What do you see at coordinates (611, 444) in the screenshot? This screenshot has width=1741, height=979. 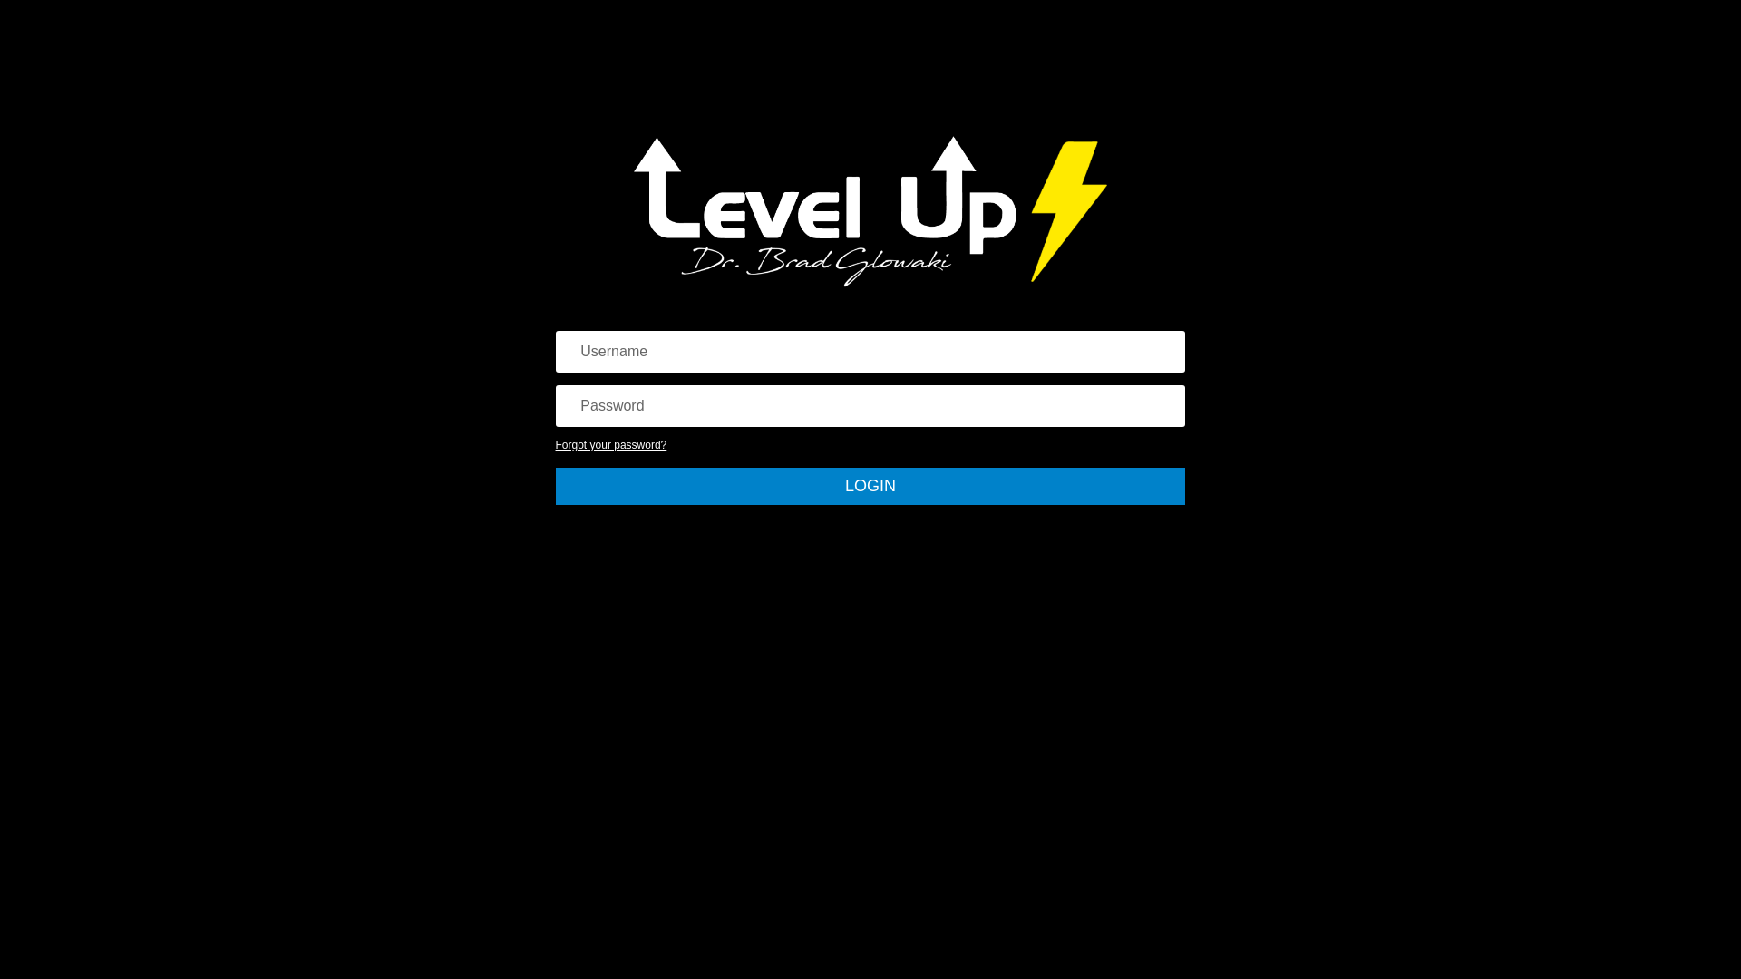 I see `'Forgot your password?'` at bounding box center [611, 444].